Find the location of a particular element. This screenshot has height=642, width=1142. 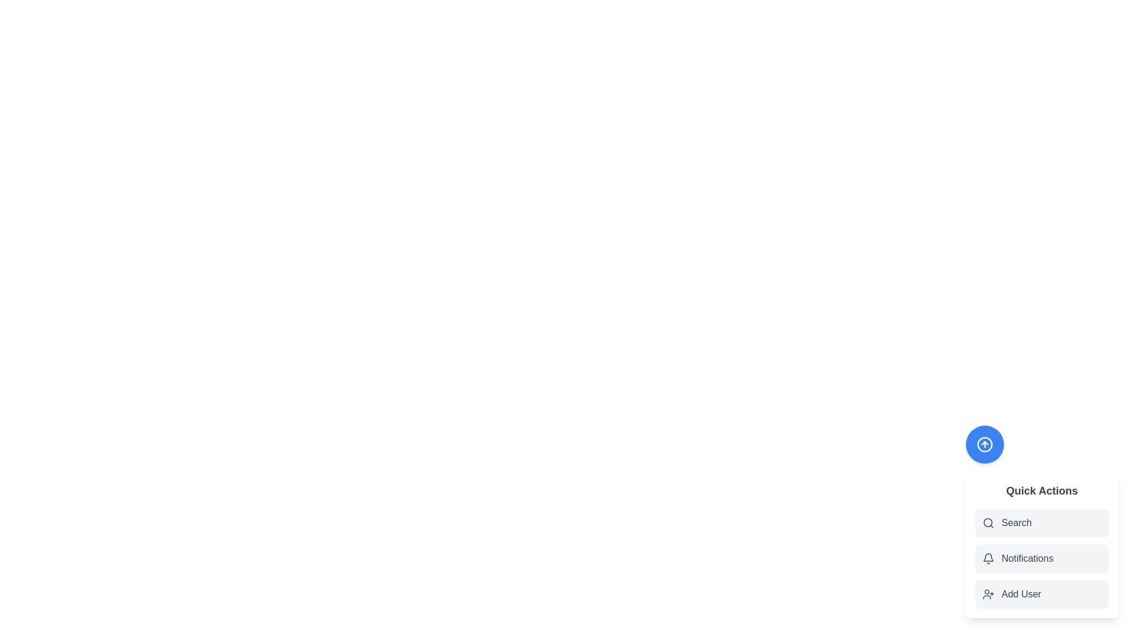

the bell-like notification icon located is located at coordinates (988, 557).